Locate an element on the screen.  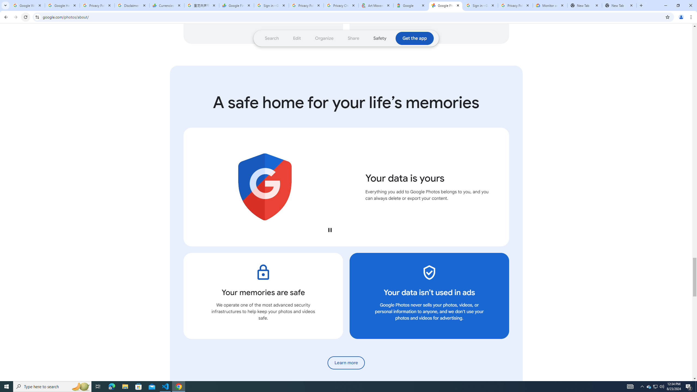
'Padlock icon indicating security. ' is located at coordinates (263, 272).